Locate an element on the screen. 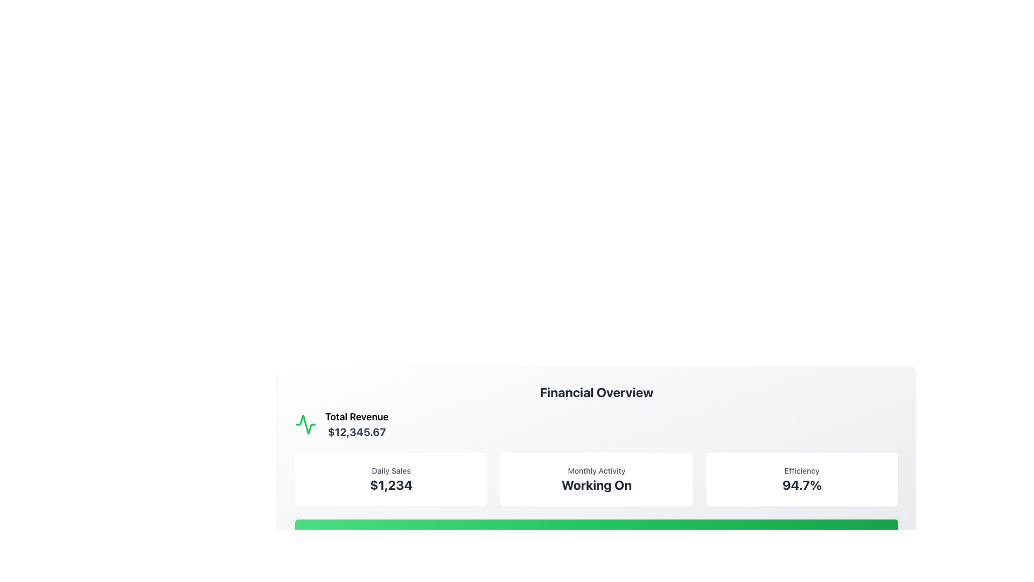 The image size is (1034, 582). the text label indicating 'Efficiency' at the top of the card in the 'Financial Overview' section is located at coordinates (802, 470).